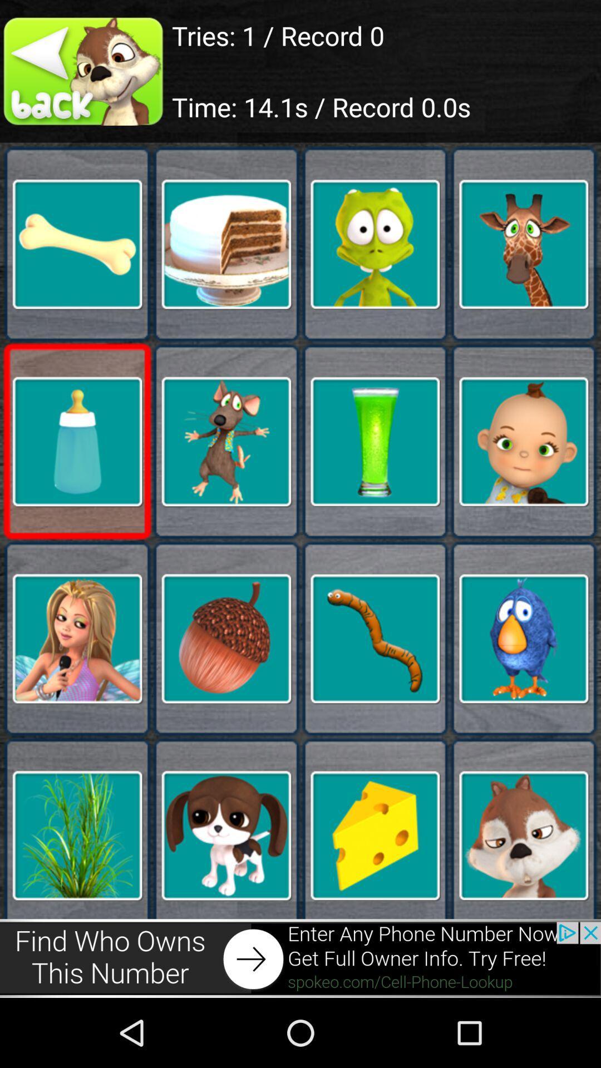 The height and width of the screenshot is (1068, 601). What do you see at coordinates (85, 71) in the screenshot?
I see `the 2nd image which below back on the page` at bounding box center [85, 71].